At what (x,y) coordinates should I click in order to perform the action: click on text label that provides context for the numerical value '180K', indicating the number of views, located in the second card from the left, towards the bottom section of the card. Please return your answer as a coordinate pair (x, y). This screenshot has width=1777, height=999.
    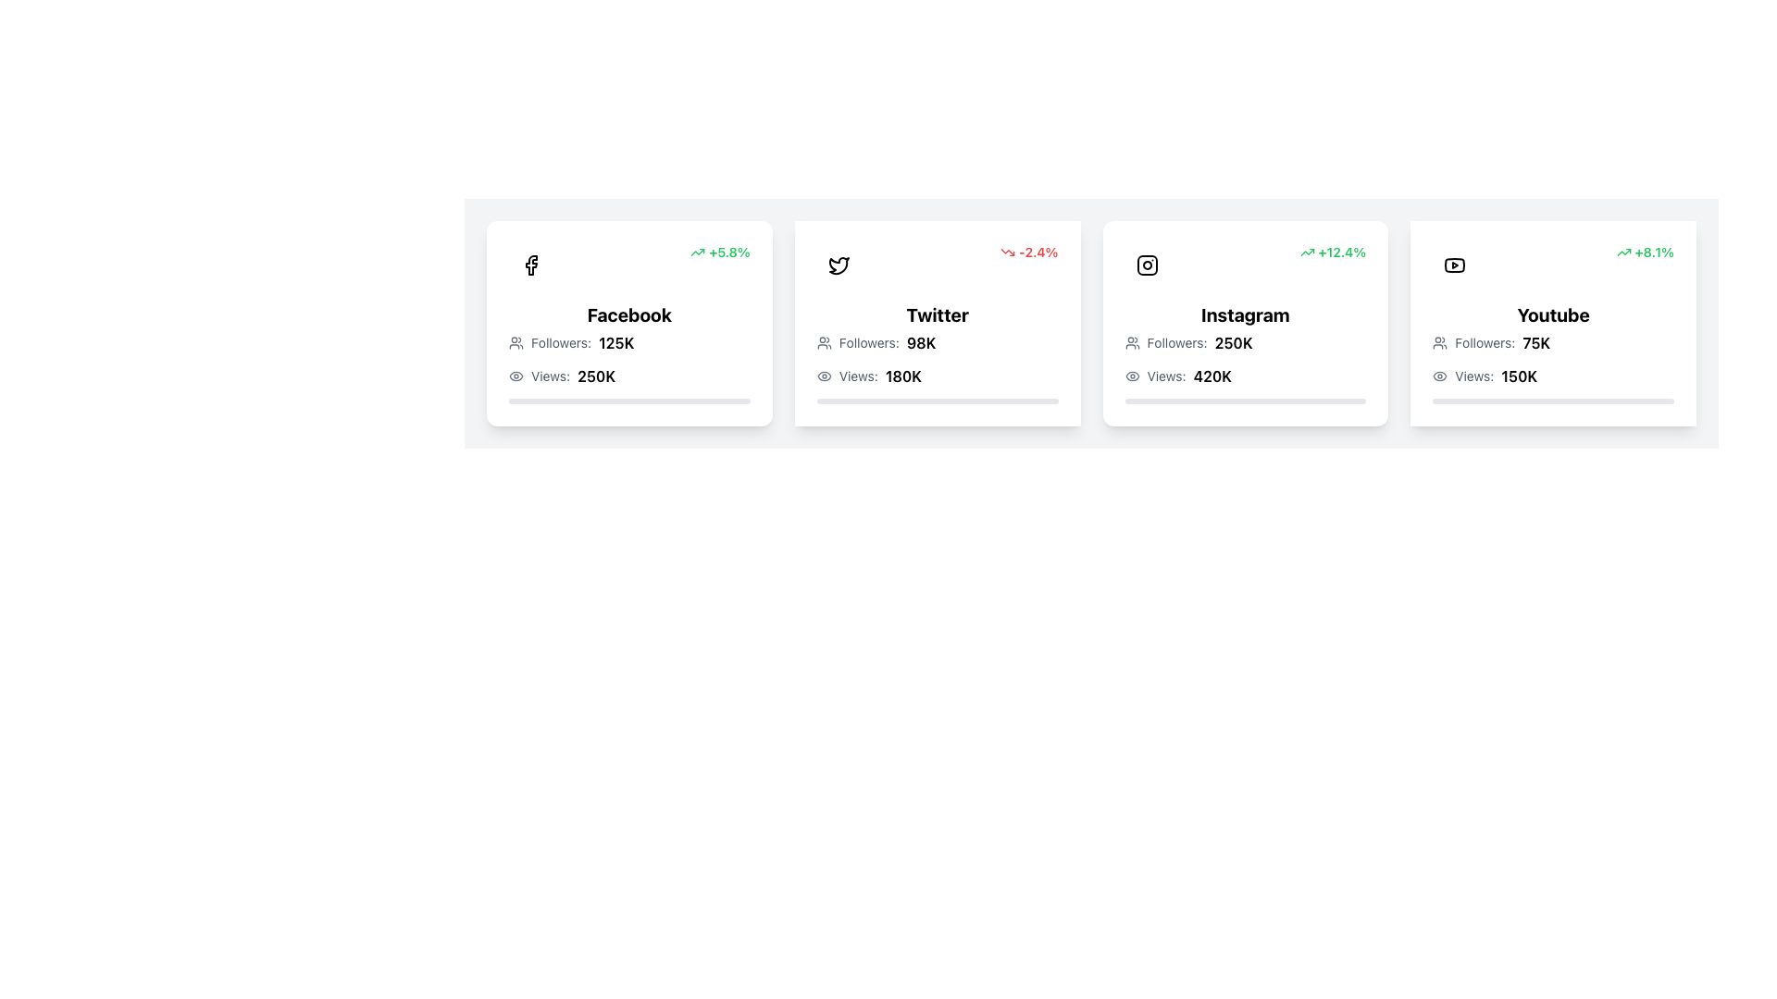
    Looking at the image, I should click on (857, 376).